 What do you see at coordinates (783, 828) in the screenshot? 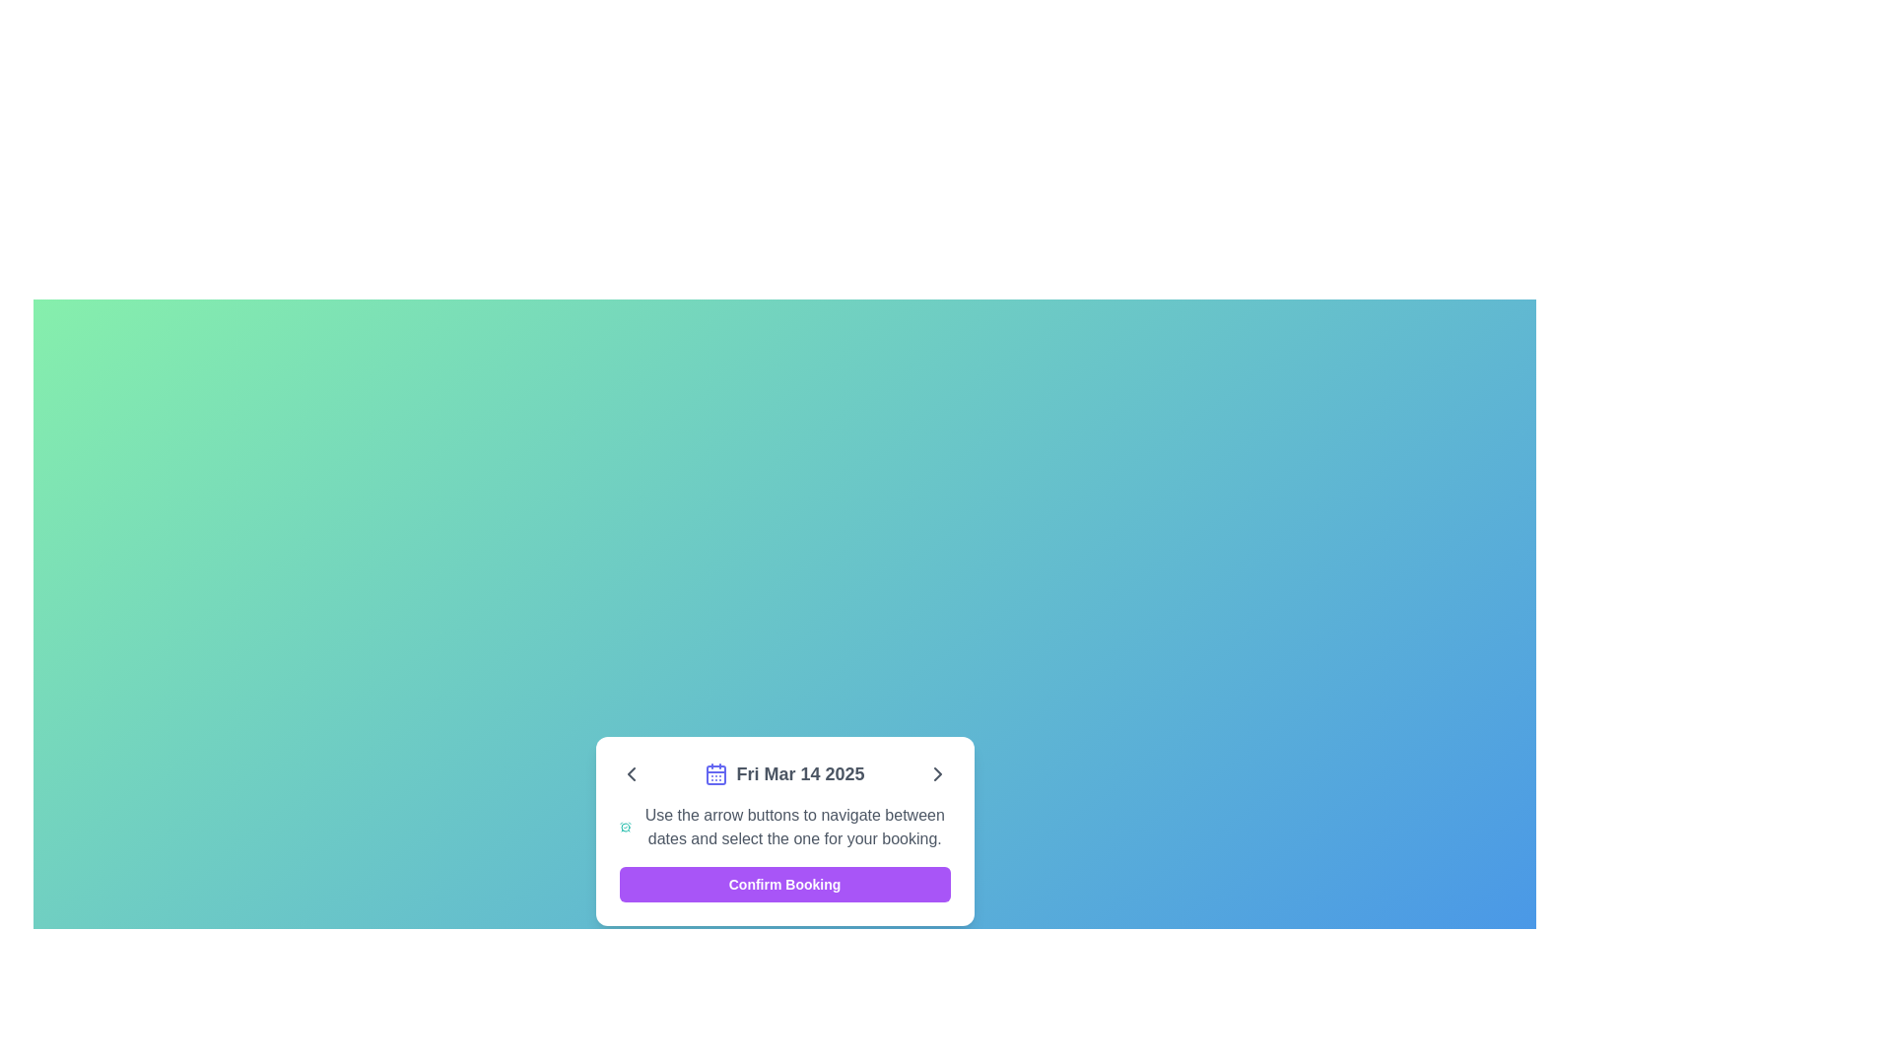
I see `the Text block that informs the user how to navigate between dates, located within a light card interface, positioned below the header displaying 'Fri Mar 14 2025' and above the 'Confirm Booking' button` at bounding box center [783, 828].